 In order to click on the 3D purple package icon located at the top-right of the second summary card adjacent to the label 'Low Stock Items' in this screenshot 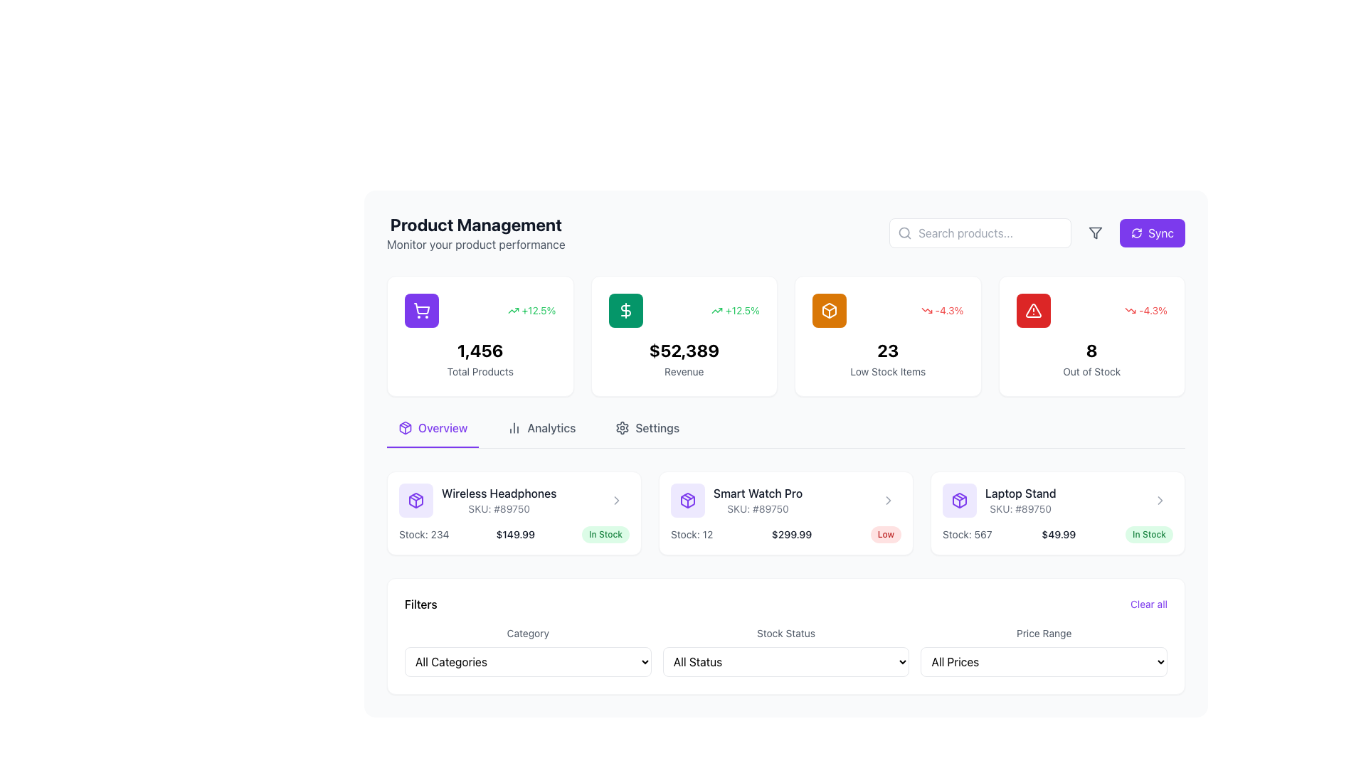, I will do `click(687, 500)`.